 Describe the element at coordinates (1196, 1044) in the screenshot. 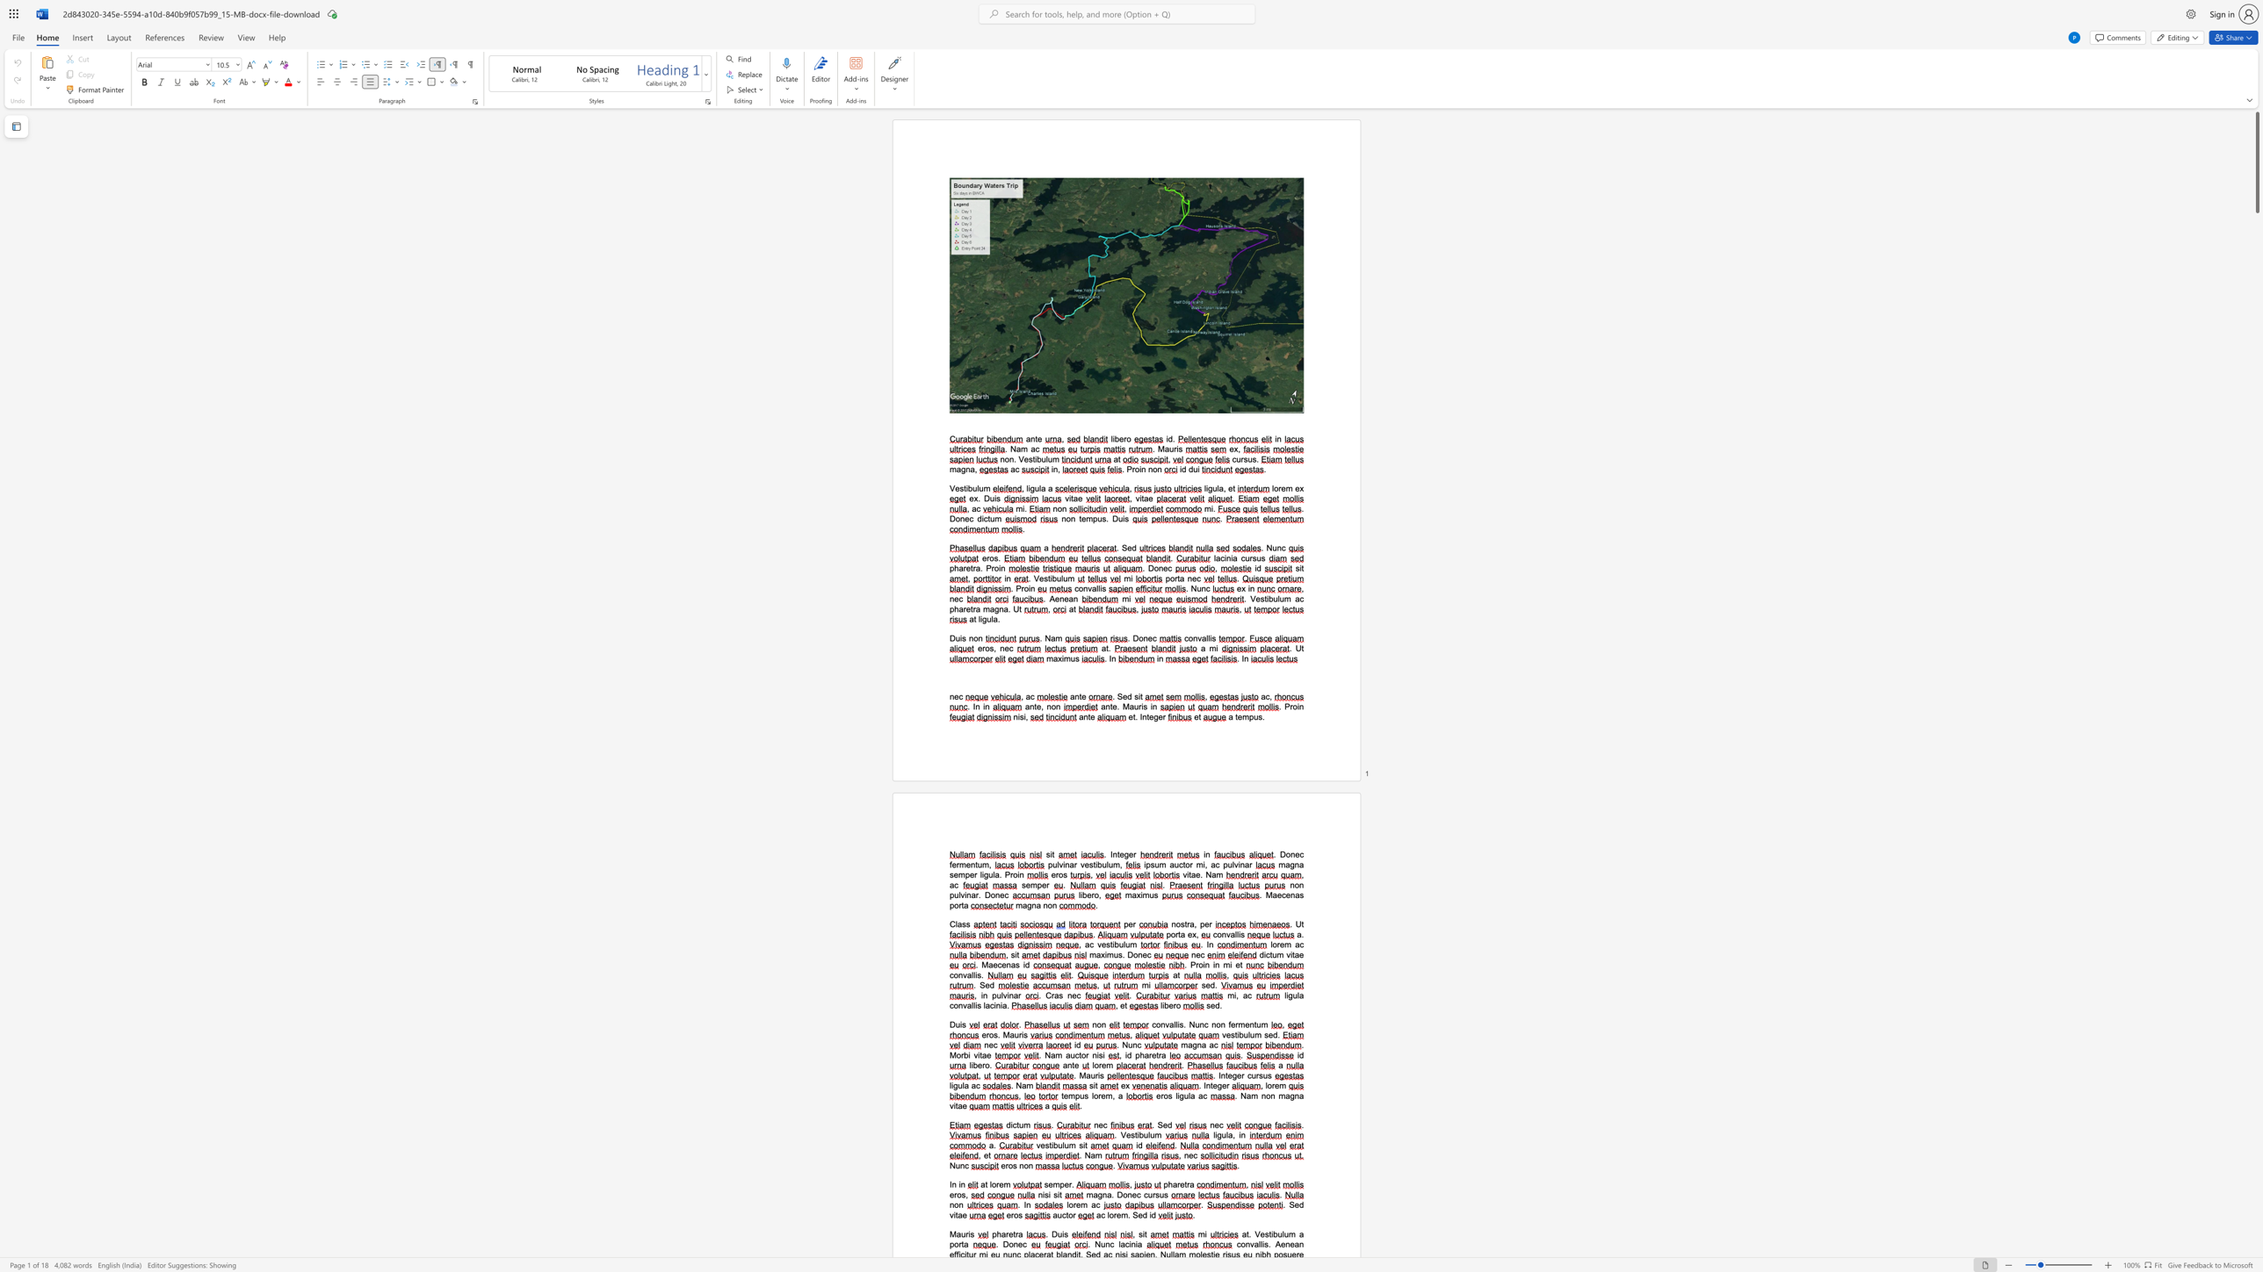

I see `the space between the continuous character "g" and "n" in the text` at that location.